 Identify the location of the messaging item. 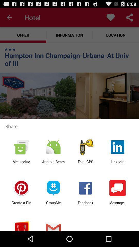
(21, 164).